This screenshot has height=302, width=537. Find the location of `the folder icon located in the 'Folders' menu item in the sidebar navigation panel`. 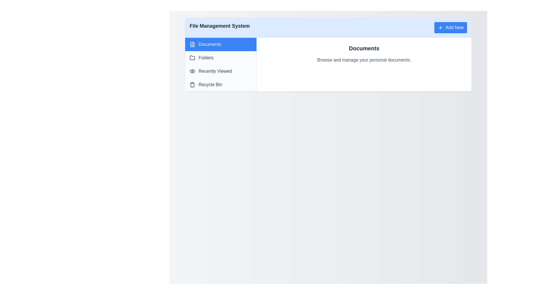

the folder icon located in the 'Folders' menu item in the sidebar navigation panel is located at coordinates (192, 58).